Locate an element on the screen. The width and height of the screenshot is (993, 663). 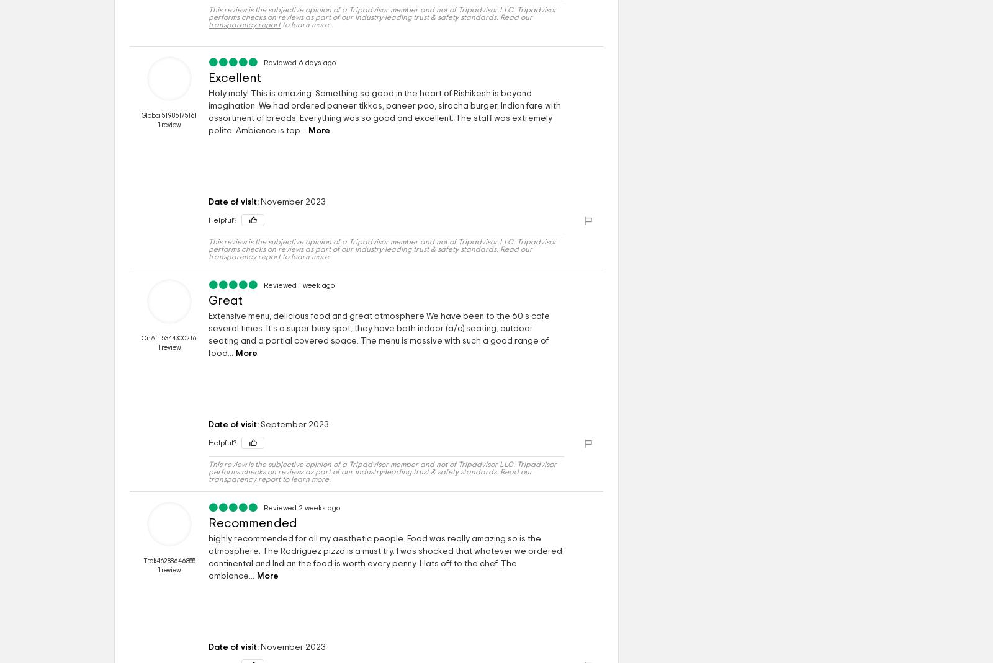
'Reviewed 6 days ago' is located at coordinates (299, 62).